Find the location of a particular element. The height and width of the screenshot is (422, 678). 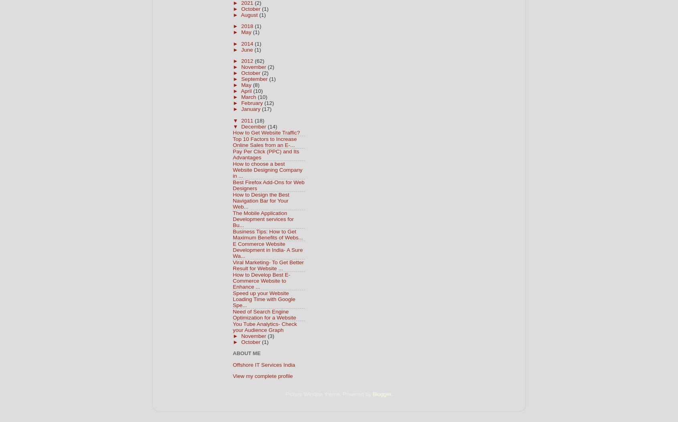

'2012' is located at coordinates (247, 61).